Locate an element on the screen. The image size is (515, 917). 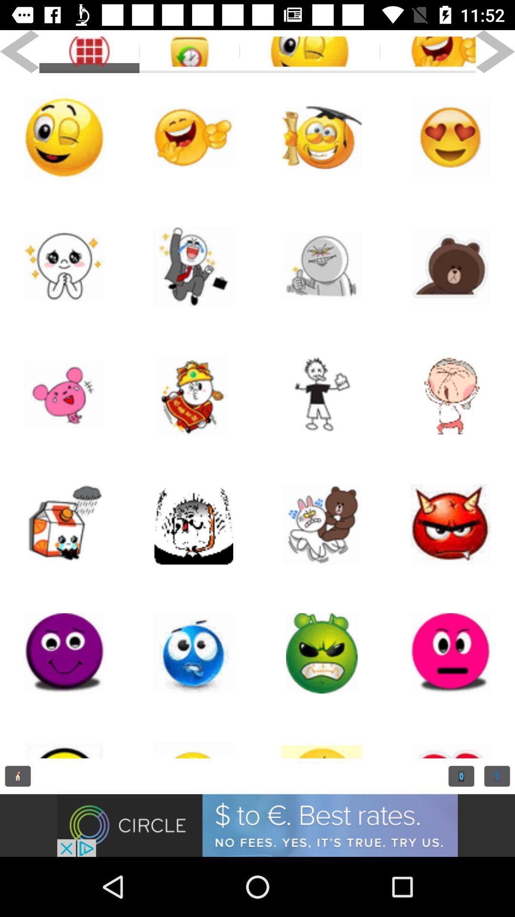
colour pitcure page is located at coordinates (64, 395).